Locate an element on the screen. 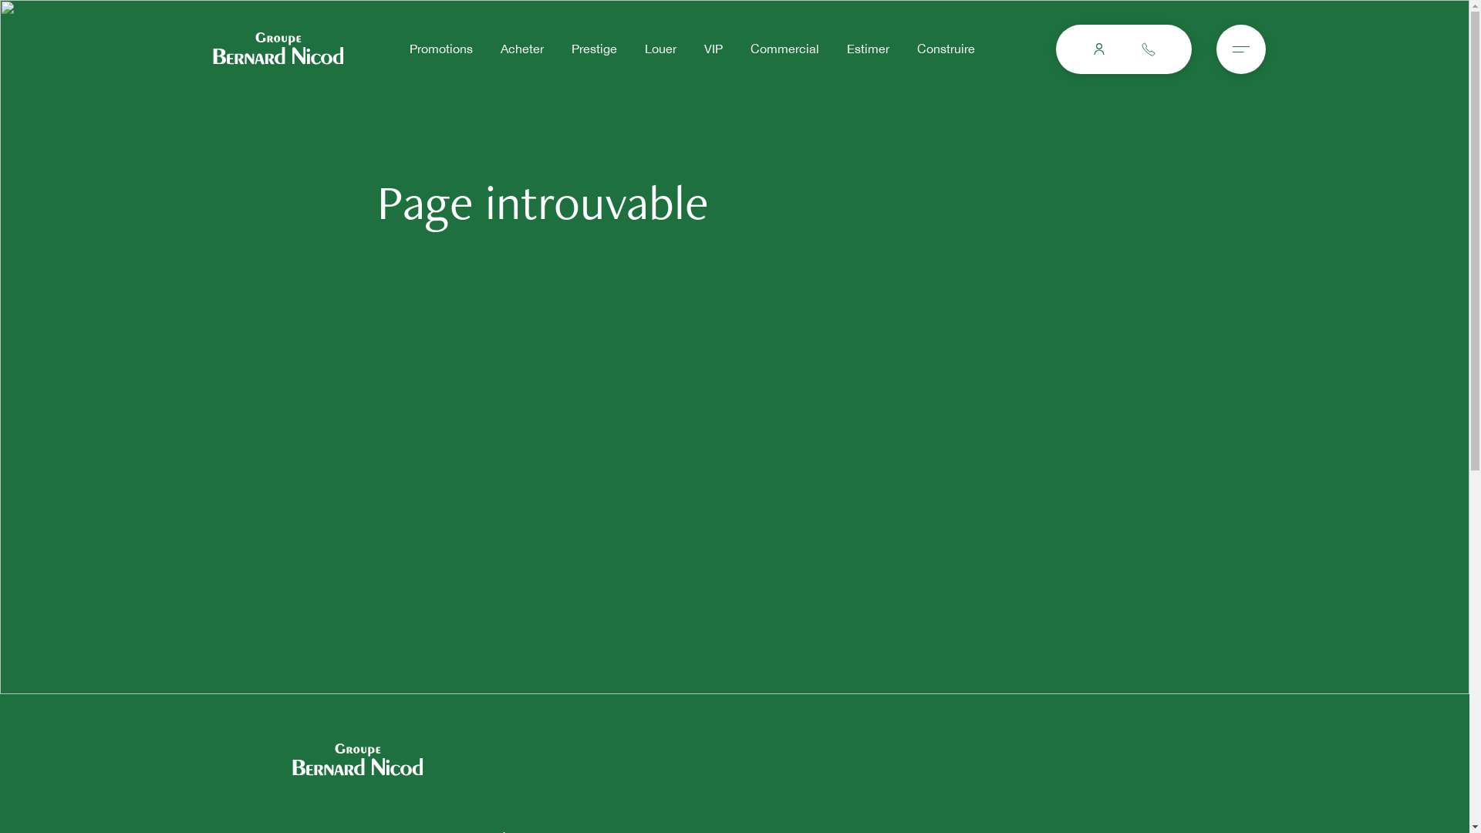  'VIP' is located at coordinates (711, 48).